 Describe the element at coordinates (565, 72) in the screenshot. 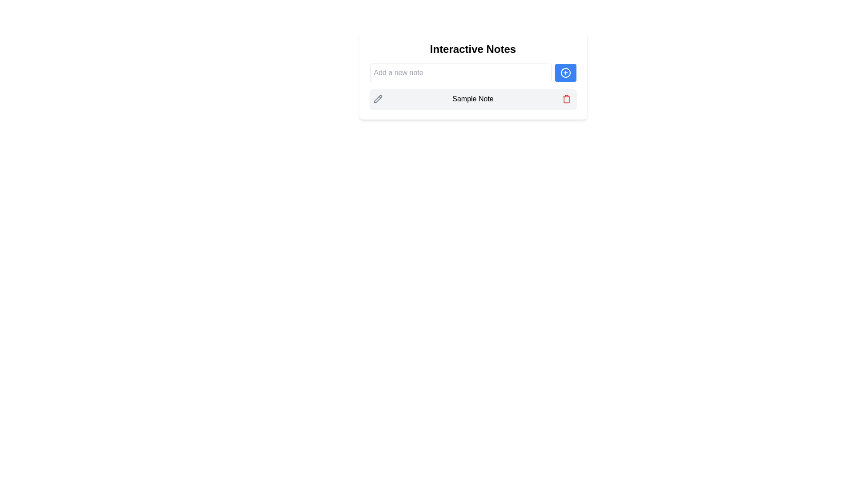

I see `the blue button icon that represents adding new notes, located near the input field labeled 'Add a new note' to trigger a focus highlight` at that location.